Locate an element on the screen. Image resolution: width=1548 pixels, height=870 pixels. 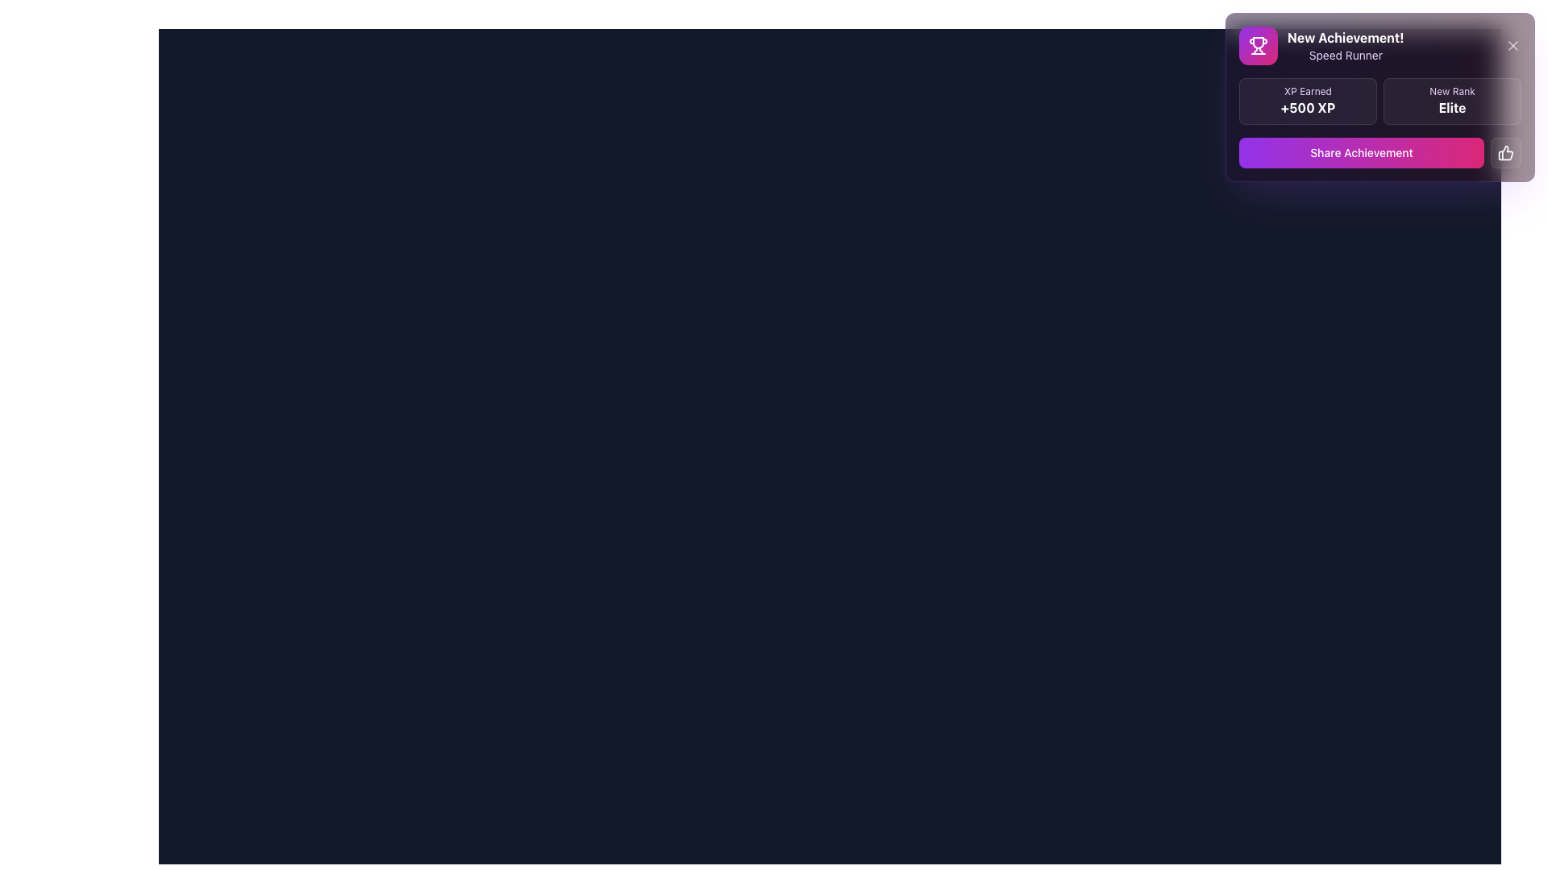
the 'New Achievement!' text display, which features a bold message in white and a subtitle in light purple, located in the top right of the notification panel is located at coordinates (1346, 45).